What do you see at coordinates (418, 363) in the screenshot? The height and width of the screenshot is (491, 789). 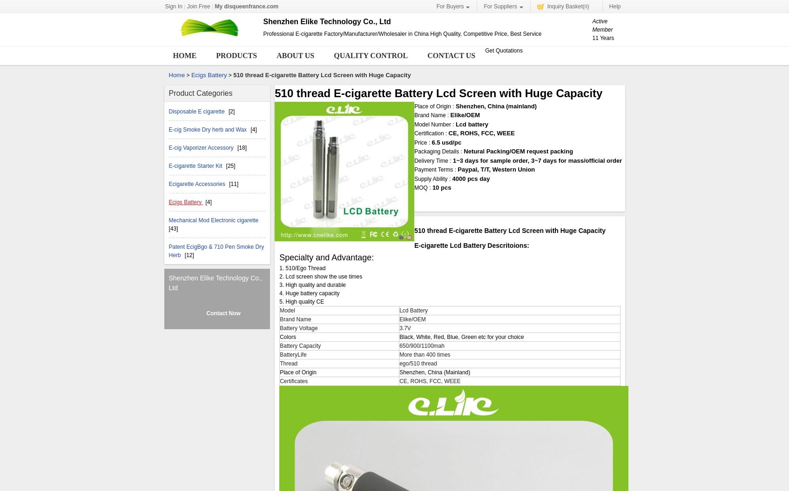 I see `'ego/510 thread'` at bounding box center [418, 363].